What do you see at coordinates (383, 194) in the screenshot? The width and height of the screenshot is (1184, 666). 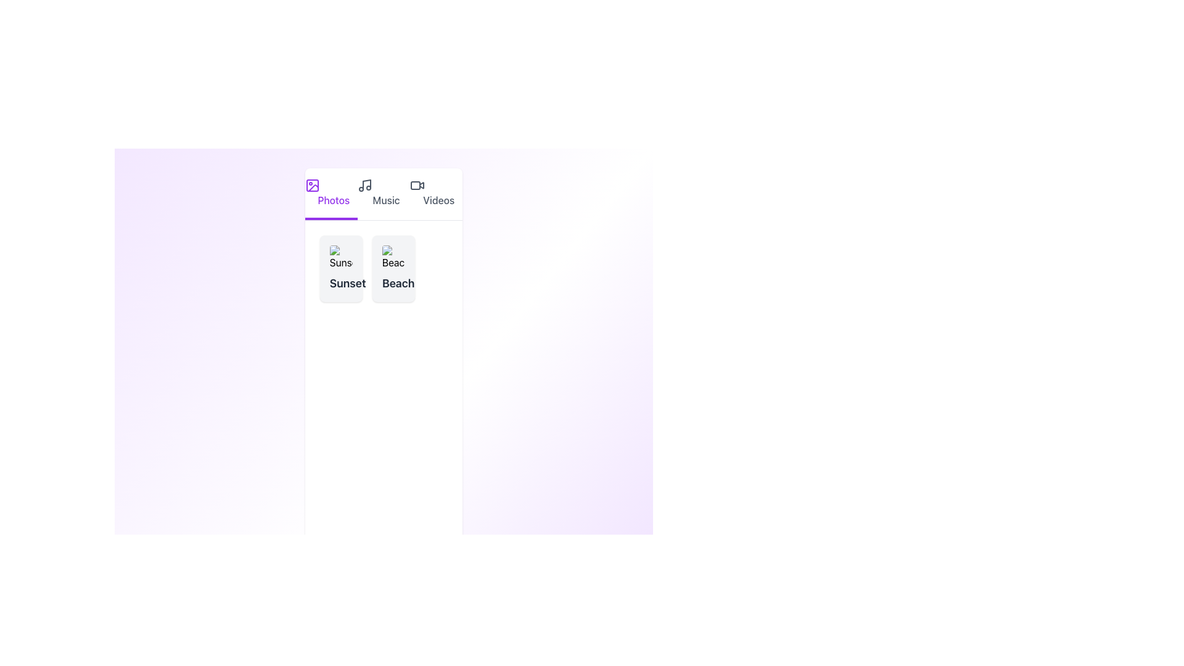 I see `the 'Music' tab in the navigation bar` at bounding box center [383, 194].